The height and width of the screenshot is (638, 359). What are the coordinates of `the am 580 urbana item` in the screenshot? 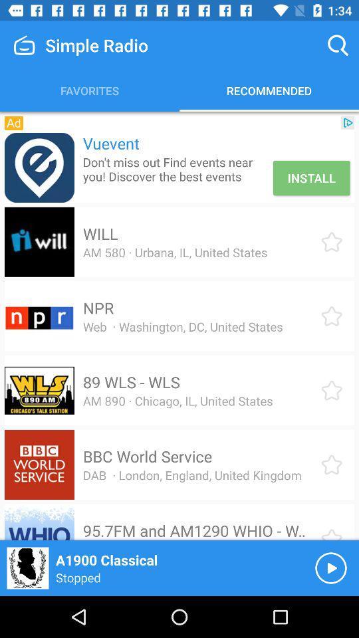 It's located at (175, 251).